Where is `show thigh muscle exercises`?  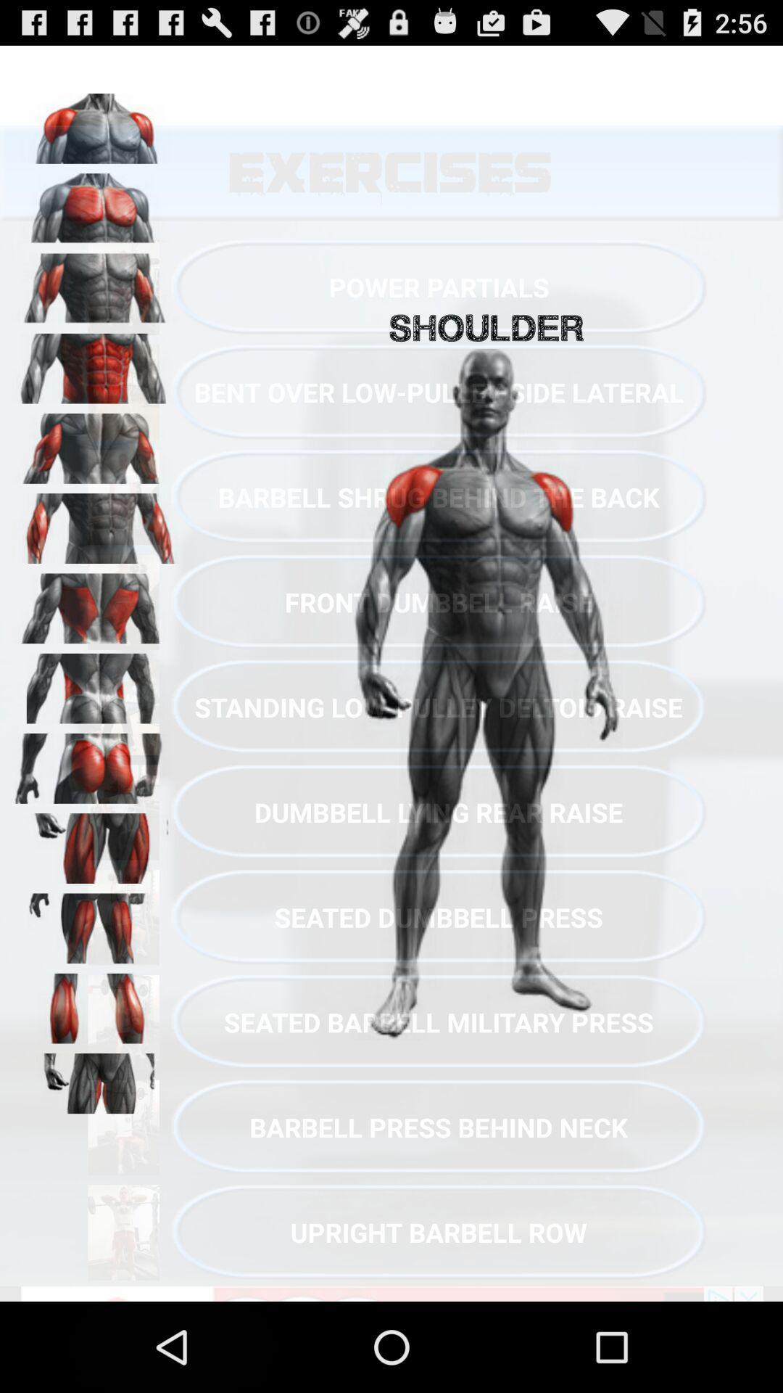 show thigh muscle exercises is located at coordinates (95, 843).